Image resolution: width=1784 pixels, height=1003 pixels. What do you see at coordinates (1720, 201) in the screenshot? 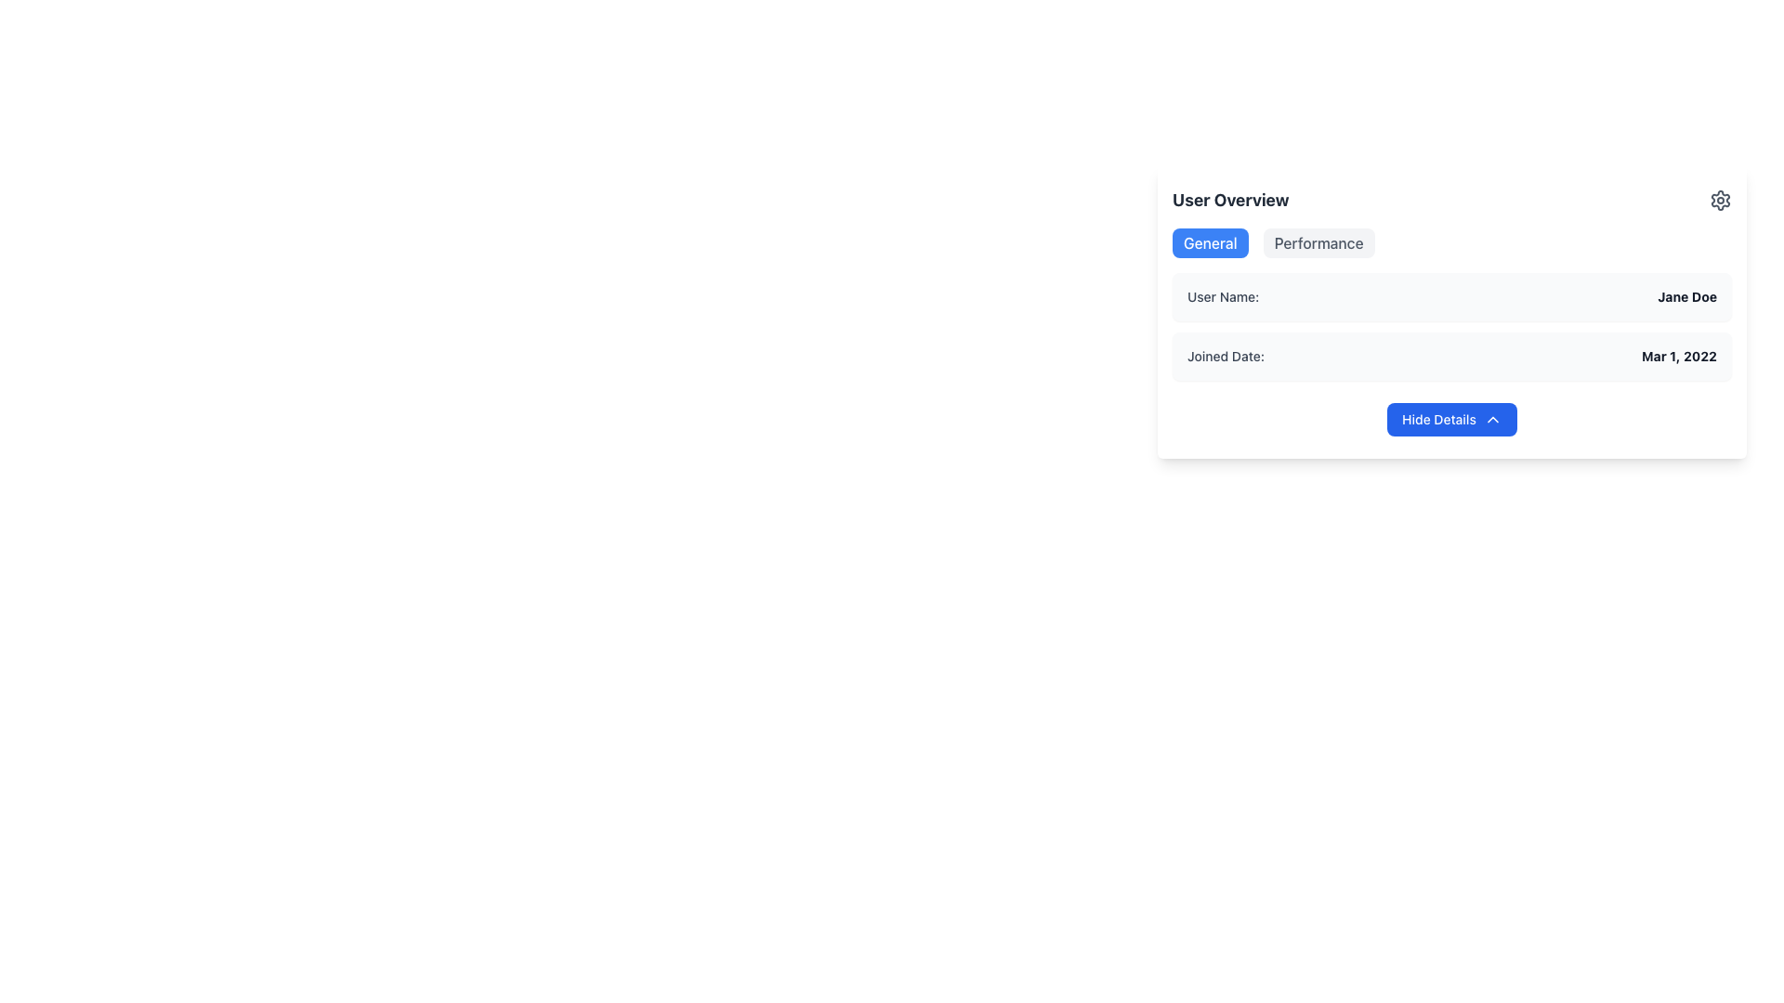
I see `the settings icon located at the far right side of the 'User Overview' panel, next to the title 'User Overview'` at bounding box center [1720, 201].